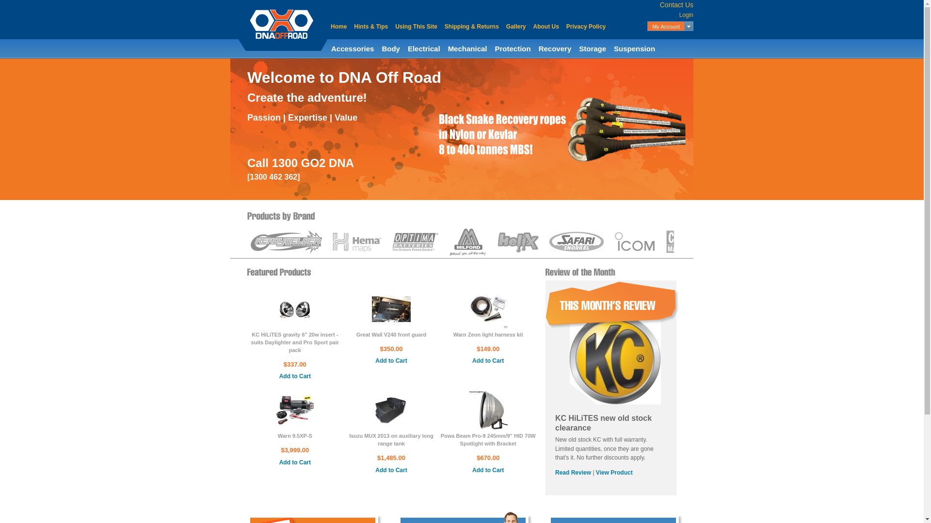 The width and height of the screenshot is (931, 523). I want to click on 'My Account', so click(665, 26).